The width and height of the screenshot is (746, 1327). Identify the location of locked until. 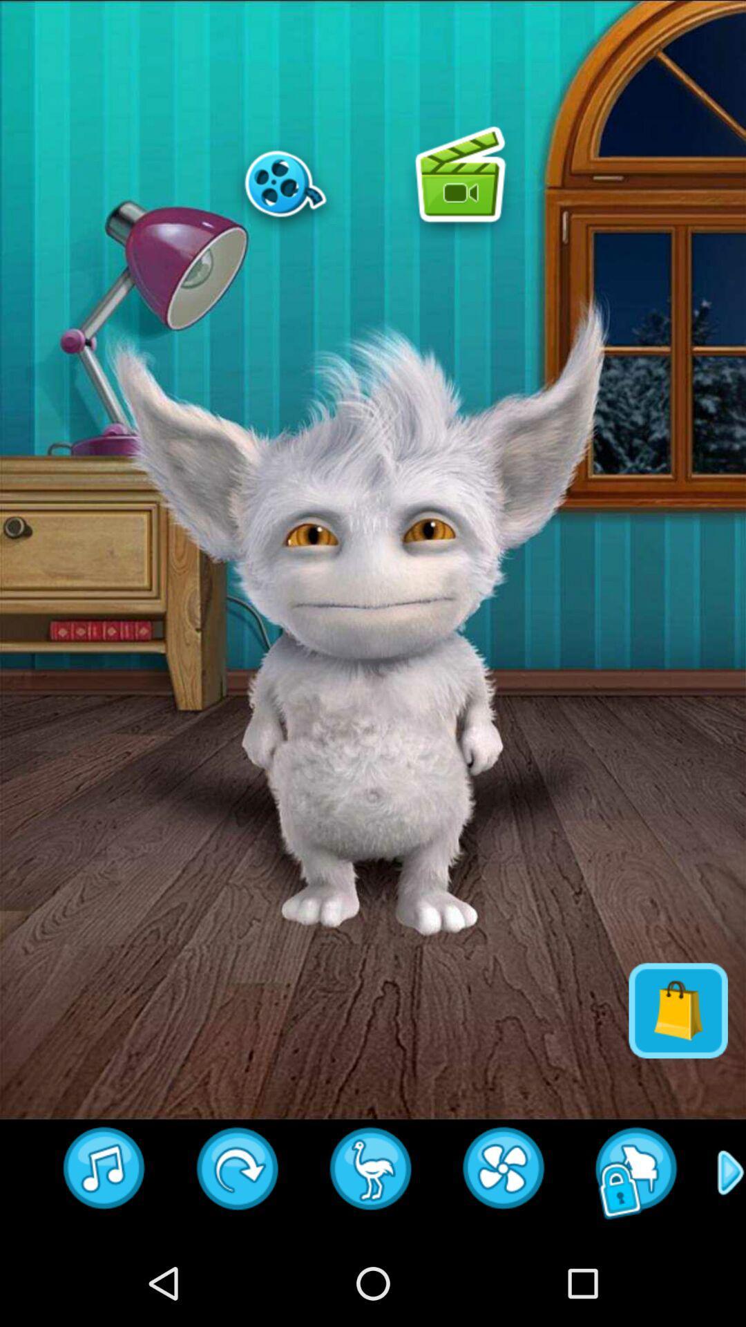
(637, 1172).